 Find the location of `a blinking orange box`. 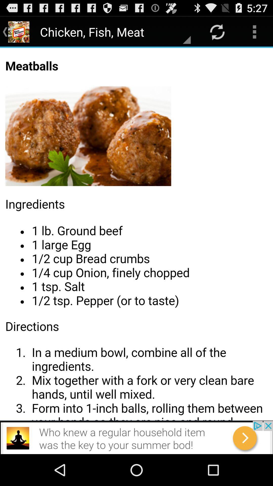

a blinking orange box is located at coordinates (136, 234).